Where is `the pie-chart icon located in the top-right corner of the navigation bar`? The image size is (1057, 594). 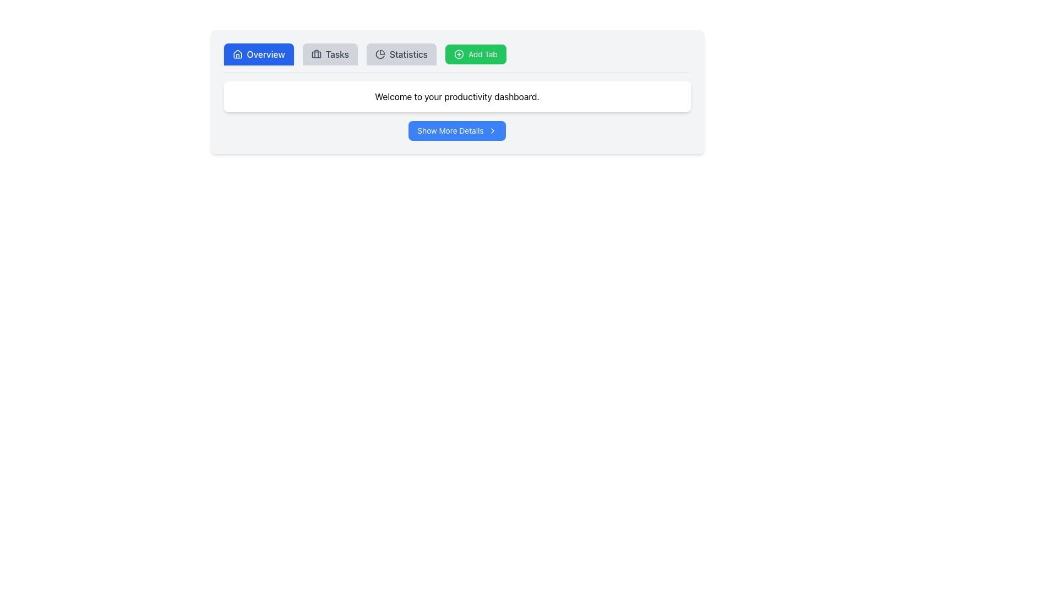 the pie-chart icon located in the top-right corner of the navigation bar is located at coordinates (380, 54).